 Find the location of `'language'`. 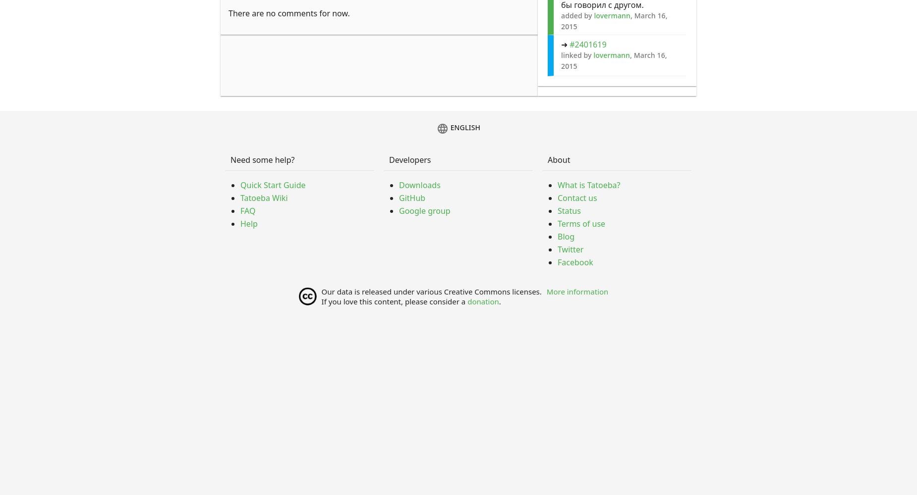

'language' is located at coordinates (442, 128).